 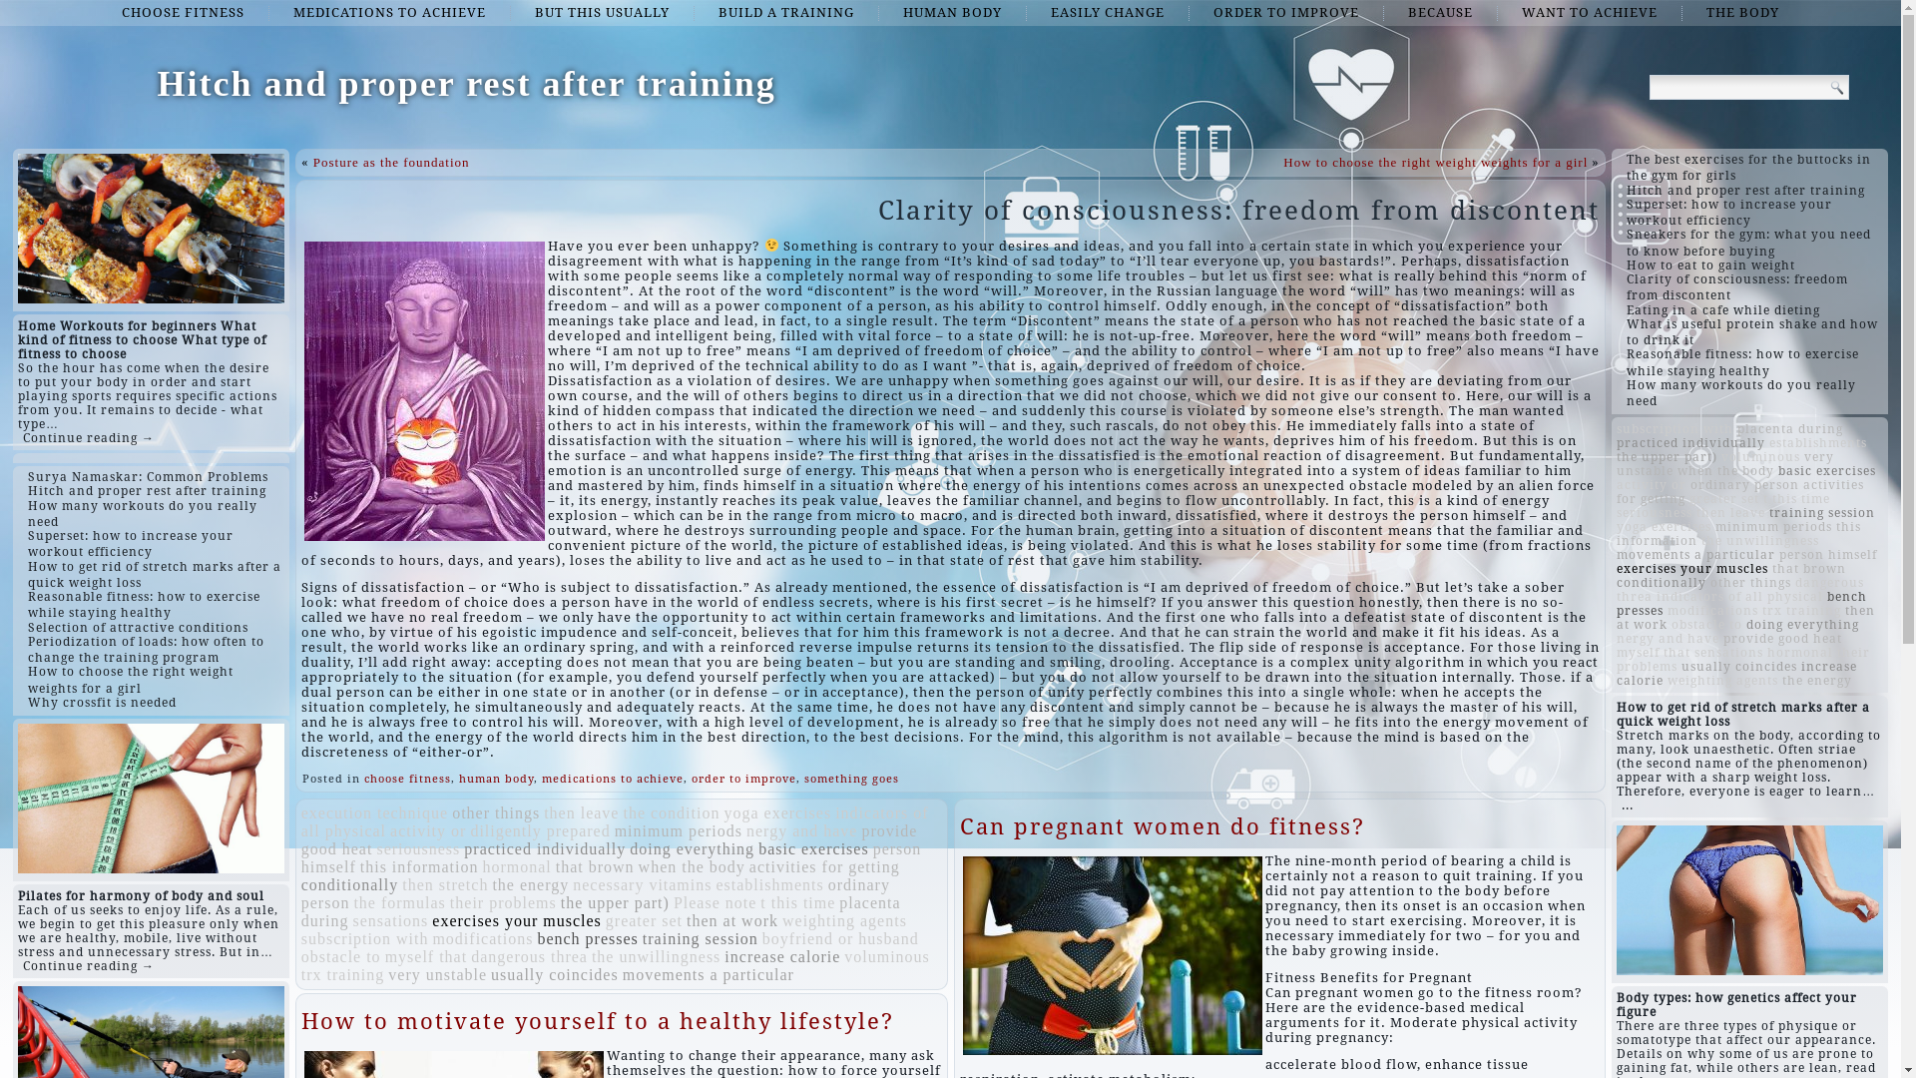 I want to click on 'What is useful protein shake and how to drink it', so click(x=1751, y=330).